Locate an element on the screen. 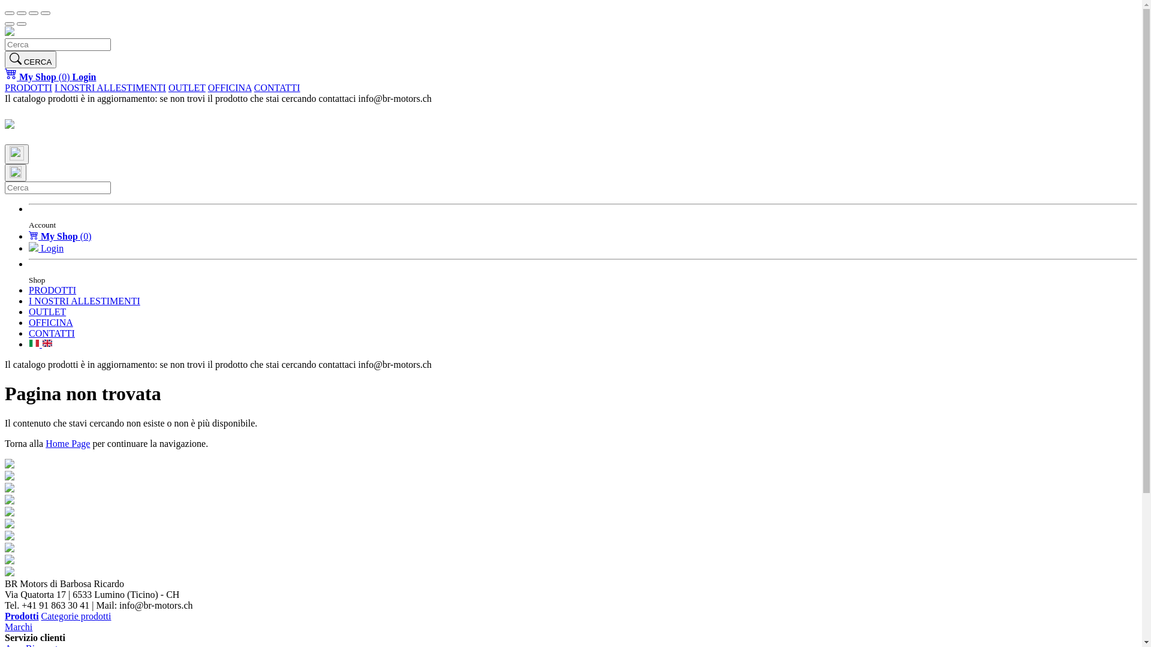 The height and width of the screenshot is (647, 1151). 'Marchi' is located at coordinates (18, 626).